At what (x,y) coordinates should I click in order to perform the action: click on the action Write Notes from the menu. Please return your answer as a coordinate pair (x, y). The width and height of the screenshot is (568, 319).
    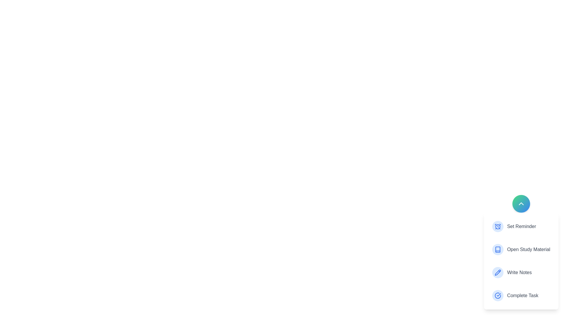
    Looking at the image, I should click on (521, 272).